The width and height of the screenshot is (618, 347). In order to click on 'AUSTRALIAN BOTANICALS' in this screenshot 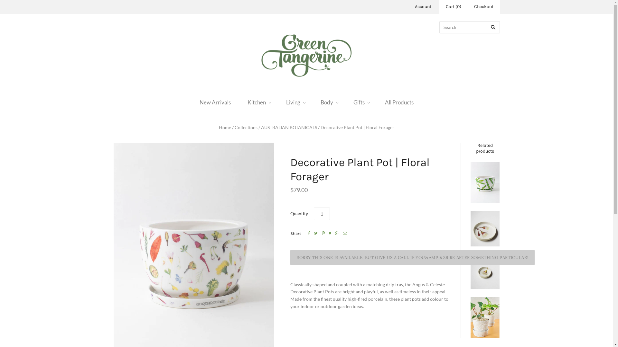, I will do `click(288, 127)`.